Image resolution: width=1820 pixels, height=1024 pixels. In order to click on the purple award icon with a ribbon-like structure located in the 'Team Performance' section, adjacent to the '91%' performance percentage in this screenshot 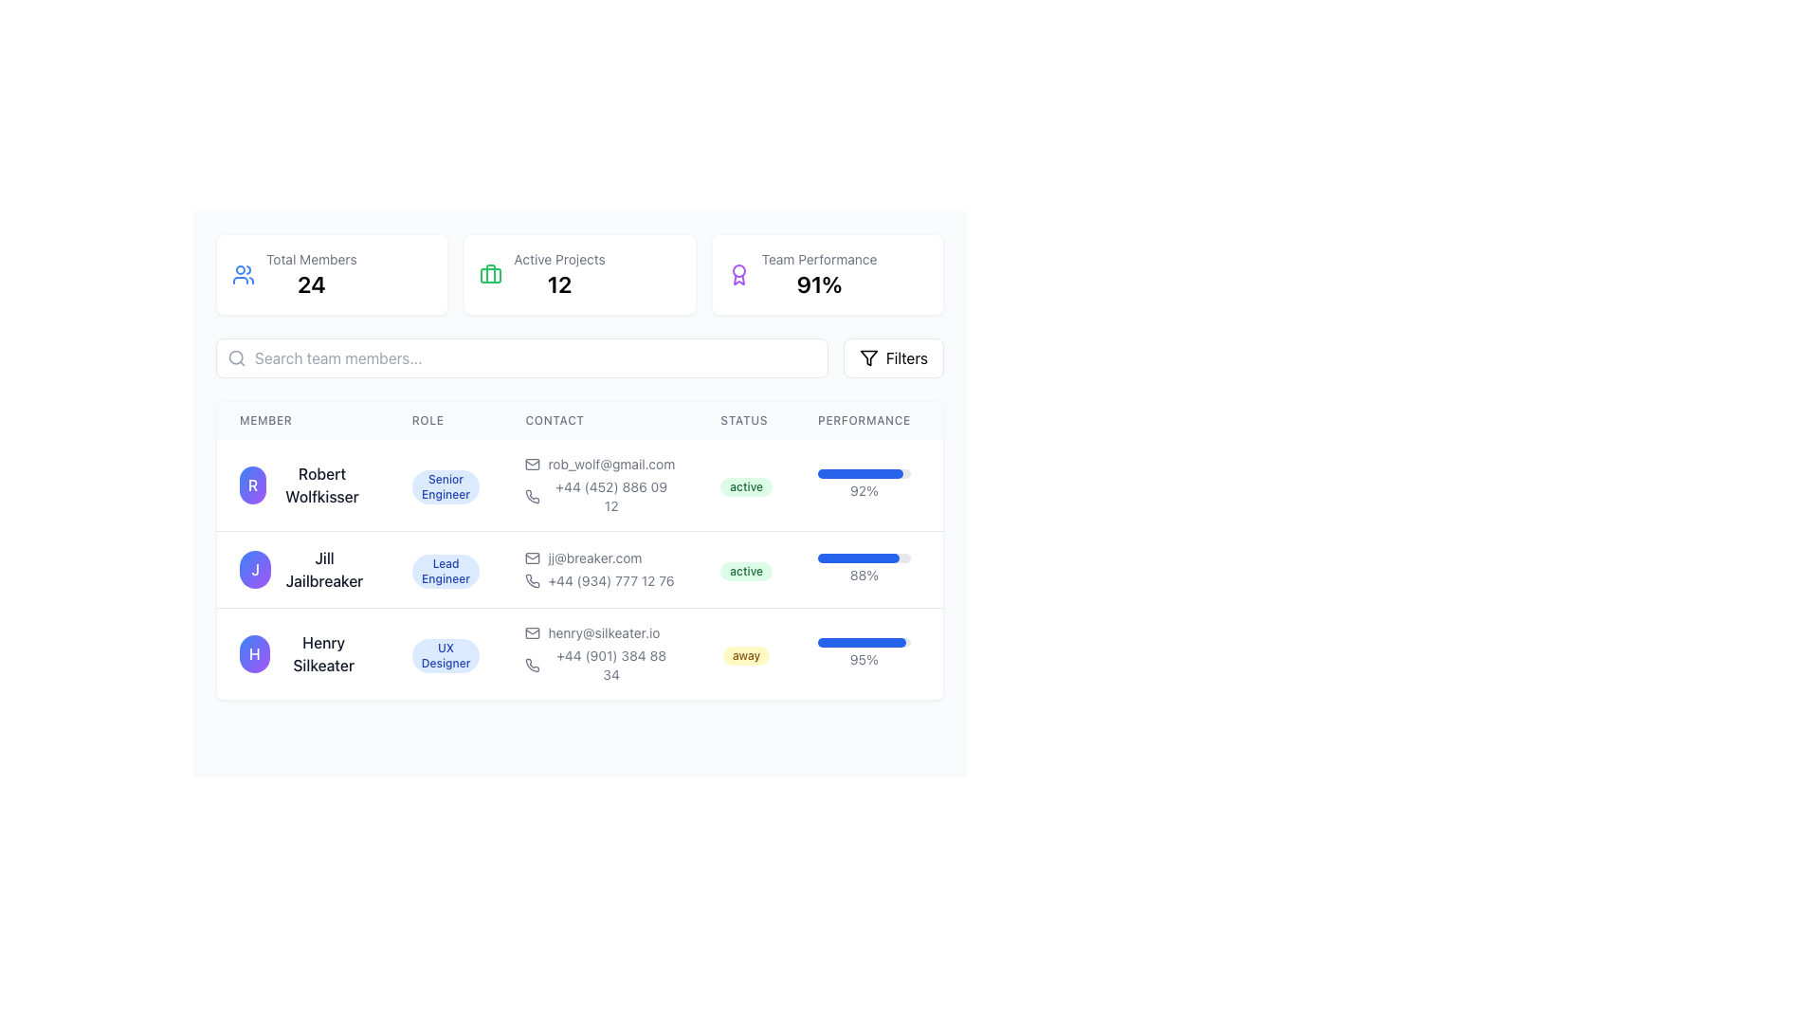, I will do `click(737, 274)`.